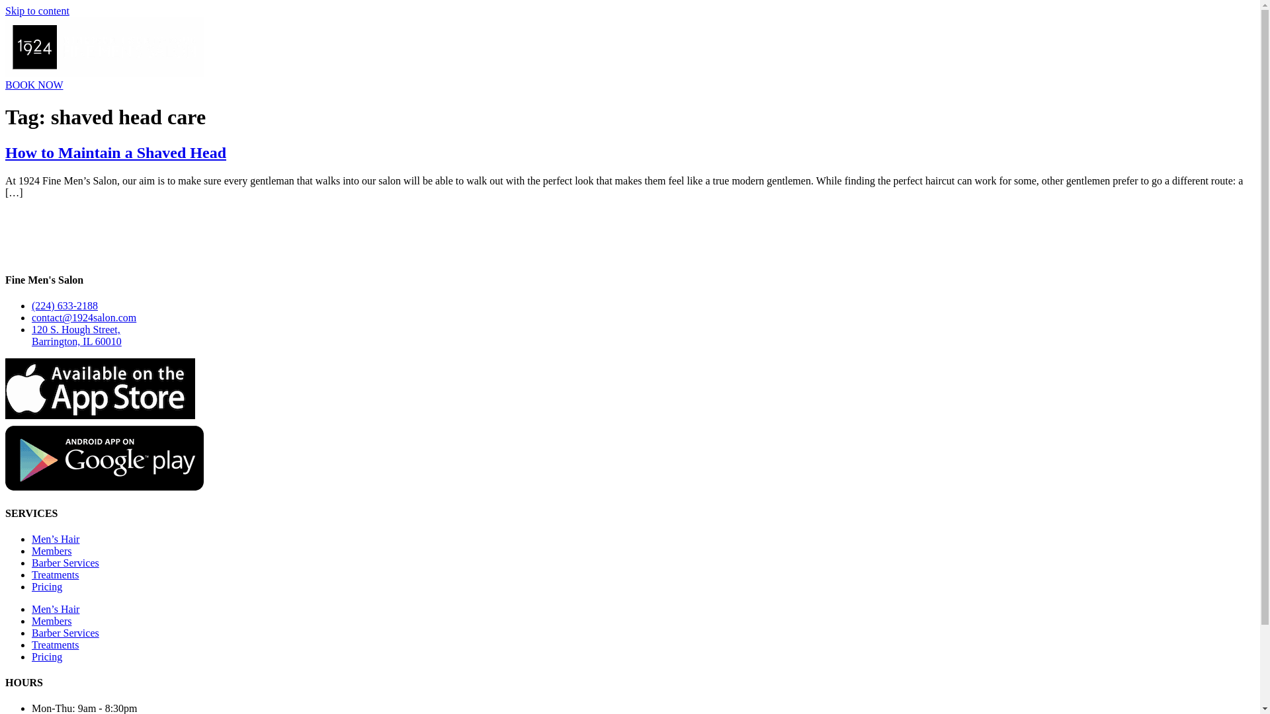  What do you see at coordinates (32, 644) in the screenshot?
I see `'Treatments'` at bounding box center [32, 644].